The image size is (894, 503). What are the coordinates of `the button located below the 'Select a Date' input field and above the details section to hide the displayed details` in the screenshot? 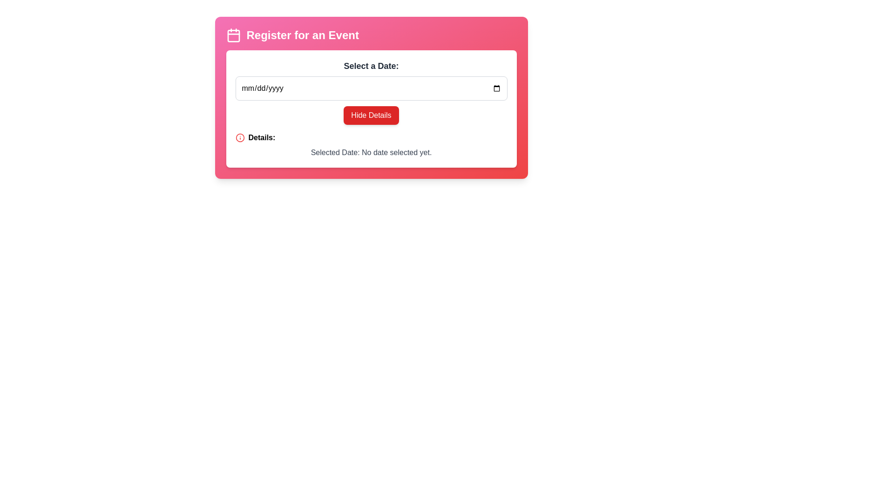 It's located at (371, 109).